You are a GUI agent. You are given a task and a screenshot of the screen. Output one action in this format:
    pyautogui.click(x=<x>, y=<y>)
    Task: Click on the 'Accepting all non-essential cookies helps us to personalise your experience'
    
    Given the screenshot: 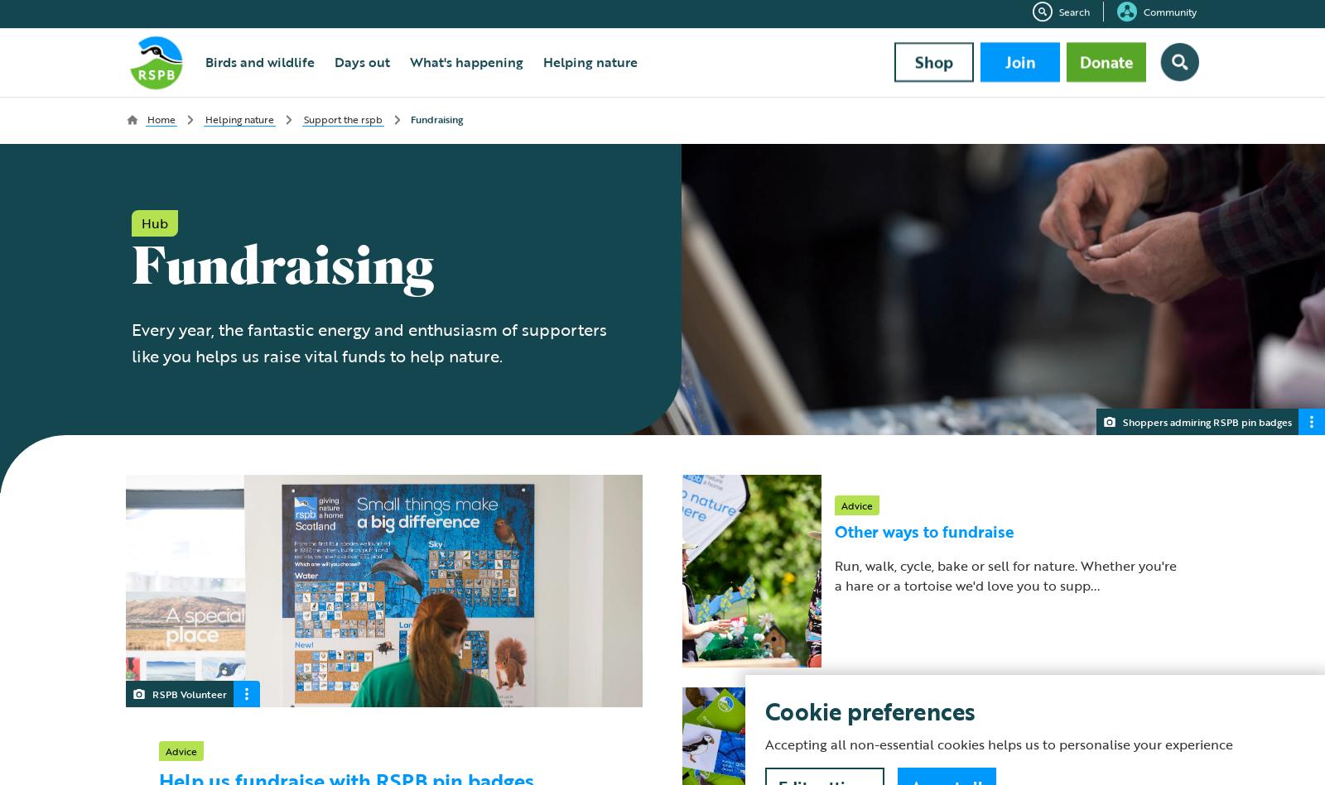 What is the action you would take?
    pyautogui.click(x=998, y=744)
    